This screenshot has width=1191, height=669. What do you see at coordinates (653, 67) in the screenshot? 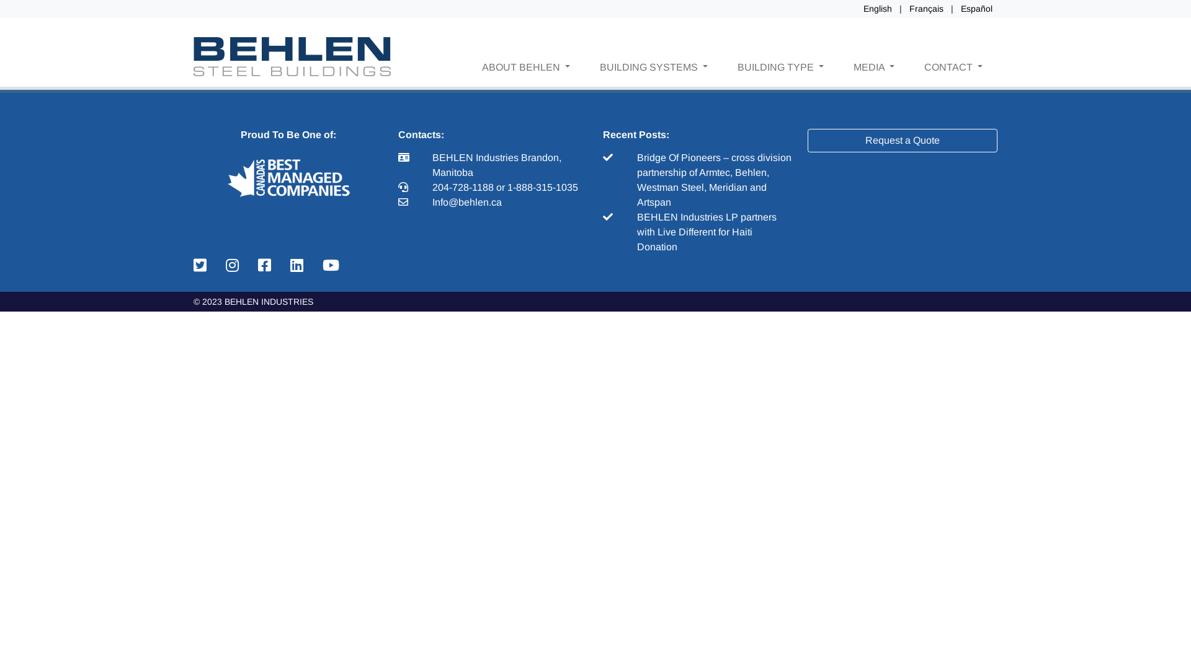
I see `'BUILDING SYSTEMS'` at bounding box center [653, 67].